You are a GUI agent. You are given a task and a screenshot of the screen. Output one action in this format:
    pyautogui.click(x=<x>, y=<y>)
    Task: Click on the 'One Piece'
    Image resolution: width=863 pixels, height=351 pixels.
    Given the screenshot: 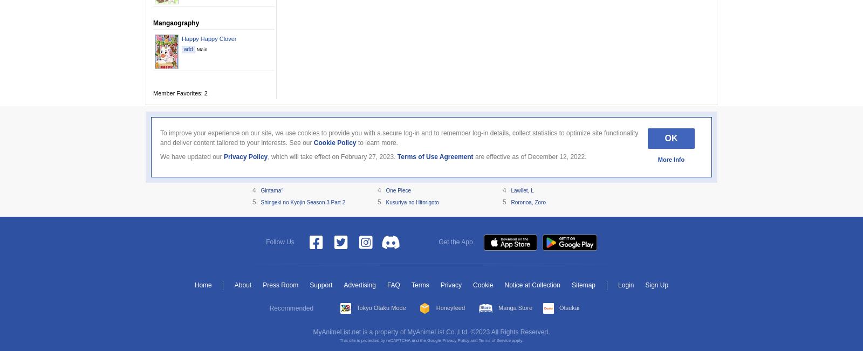 What is the action you would take?
    pyautogui.click(x=398, y=190)
    